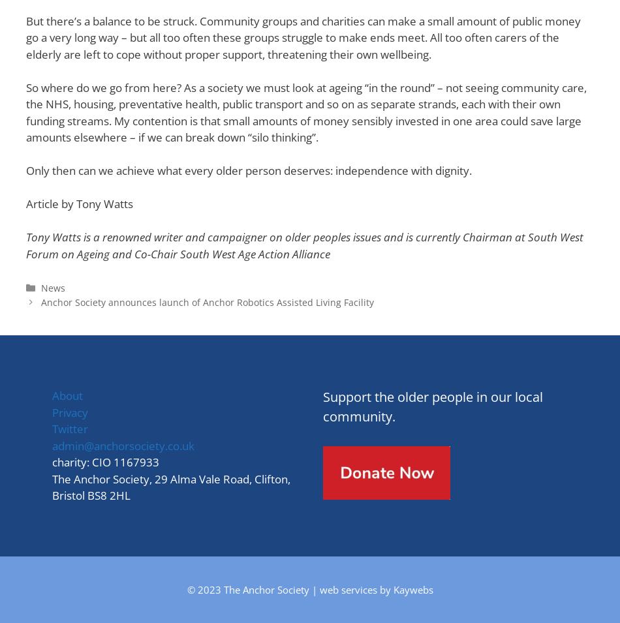 The width and height of the screenshot is (620, 623). Describe the element at coordinates (79, 204) in the screenshot. I see `'Article by Tony Watts'` at that location.